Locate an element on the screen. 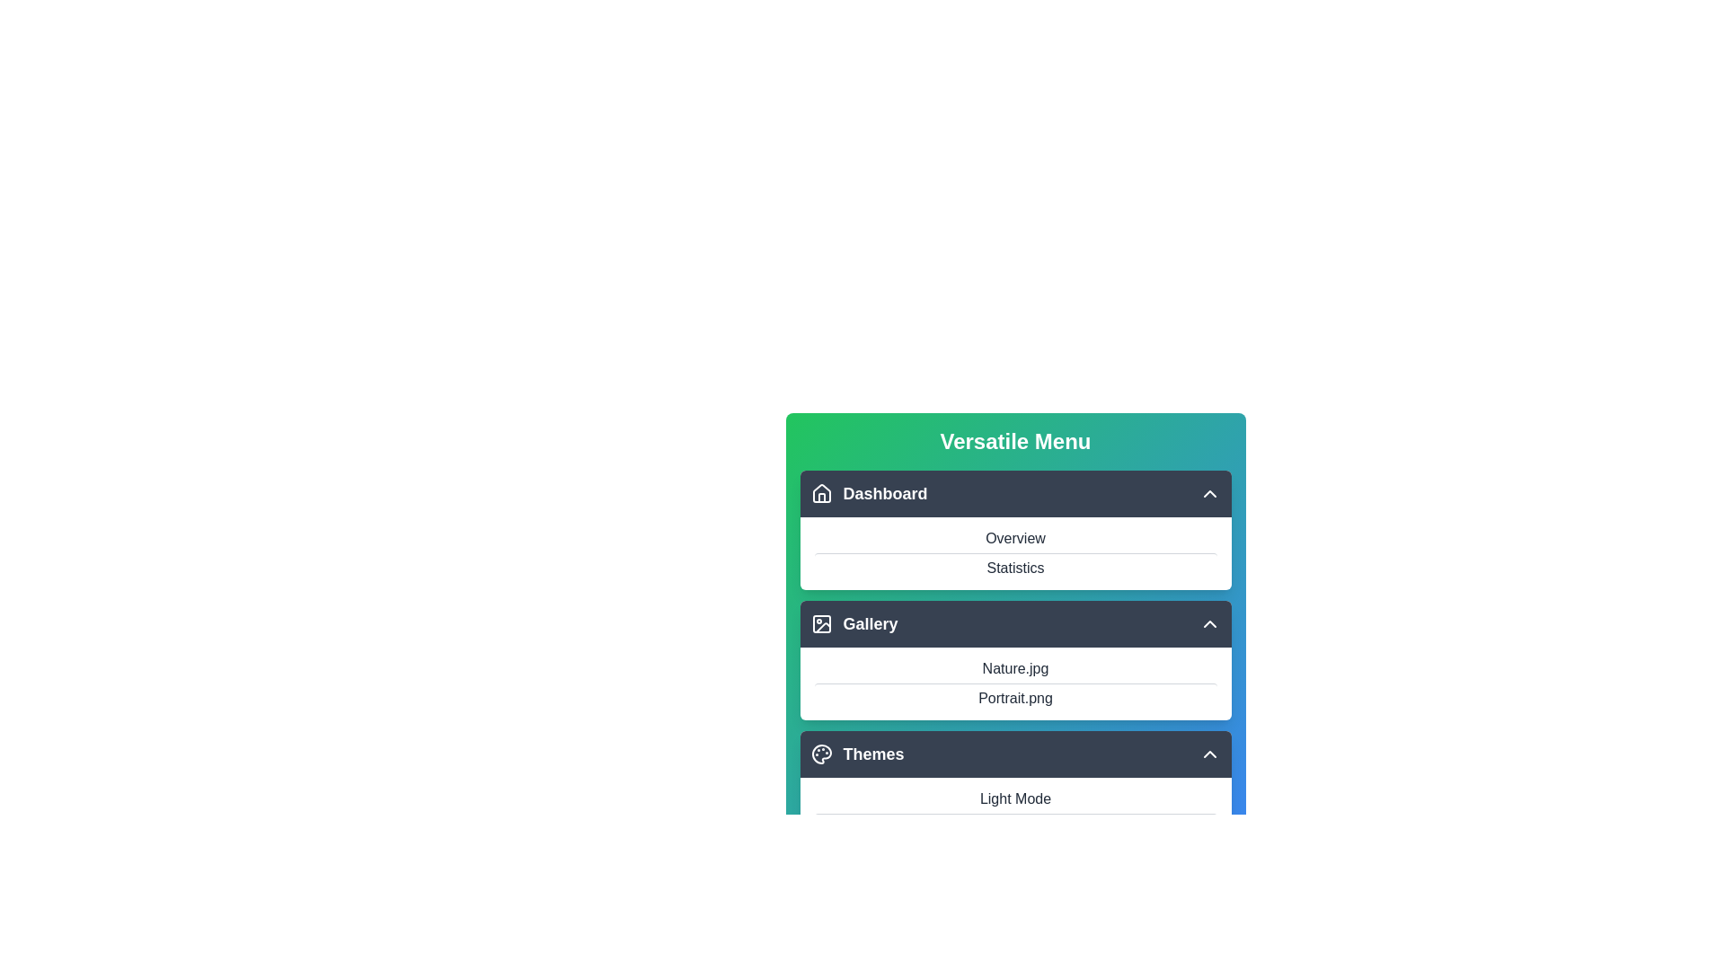 This screenshot has height=970, width=1725. the item Light Mode from the section Themes is located at coordinates (1015, 754).